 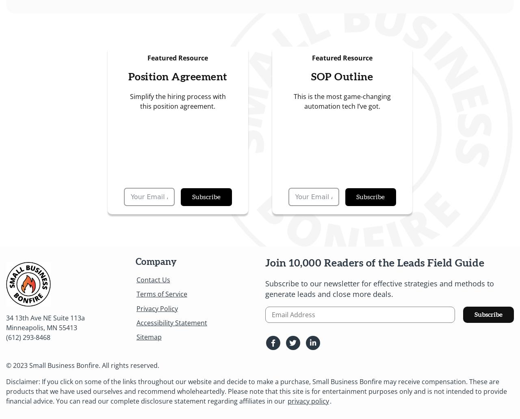 I want to click on 'Simplify the hiring process with this position agreement.', so click(x=129, y=100).